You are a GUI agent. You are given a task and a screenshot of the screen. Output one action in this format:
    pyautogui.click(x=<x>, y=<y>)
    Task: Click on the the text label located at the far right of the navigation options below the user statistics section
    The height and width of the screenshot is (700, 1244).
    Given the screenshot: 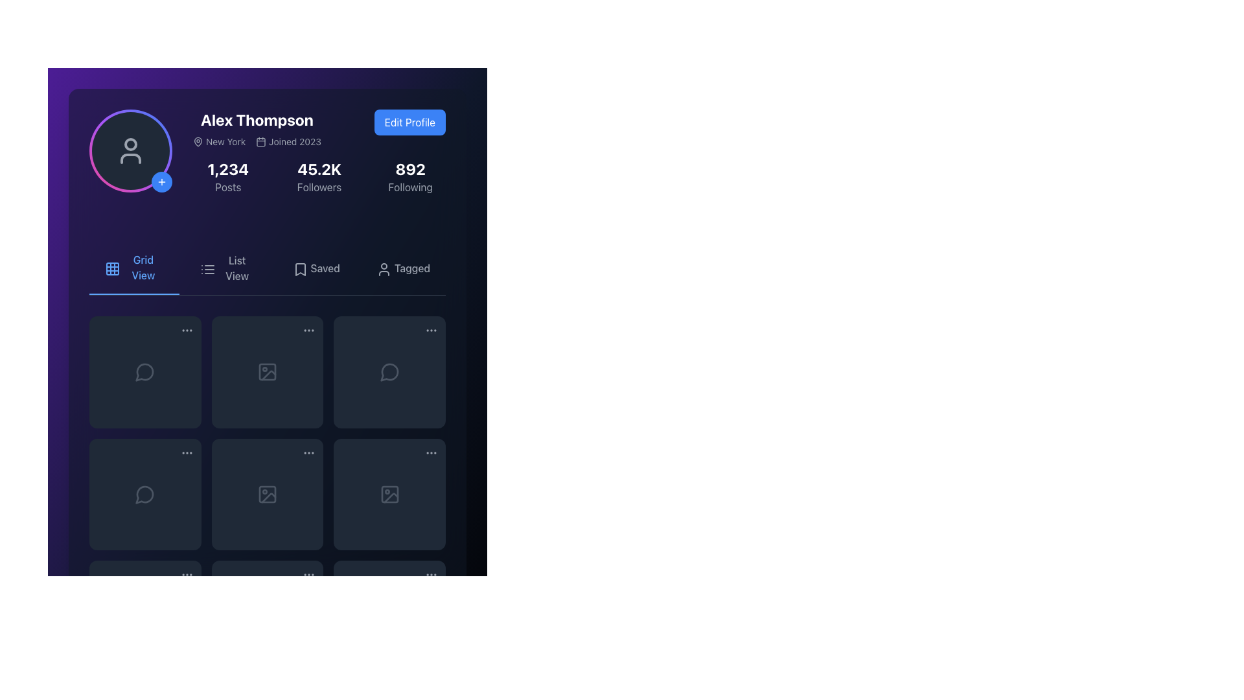 What is the action you would take?
    pyautogui.click(x=411, y=267)
    